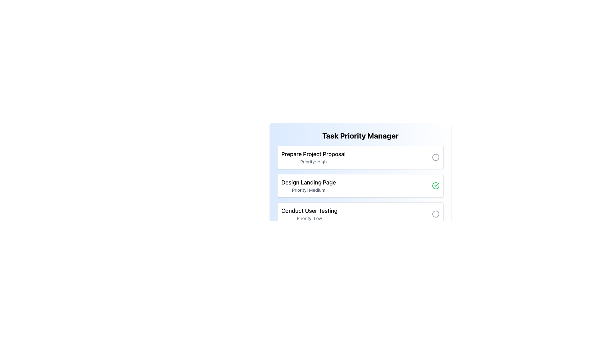 Image resolution: width=605 pixels, height=340 pixels. What do you see at coordinates (360, 213) in the screenshot?
I see `the checkbox of the task item labeled 'Conduct User Testing'` at bounding box center [360, 213].